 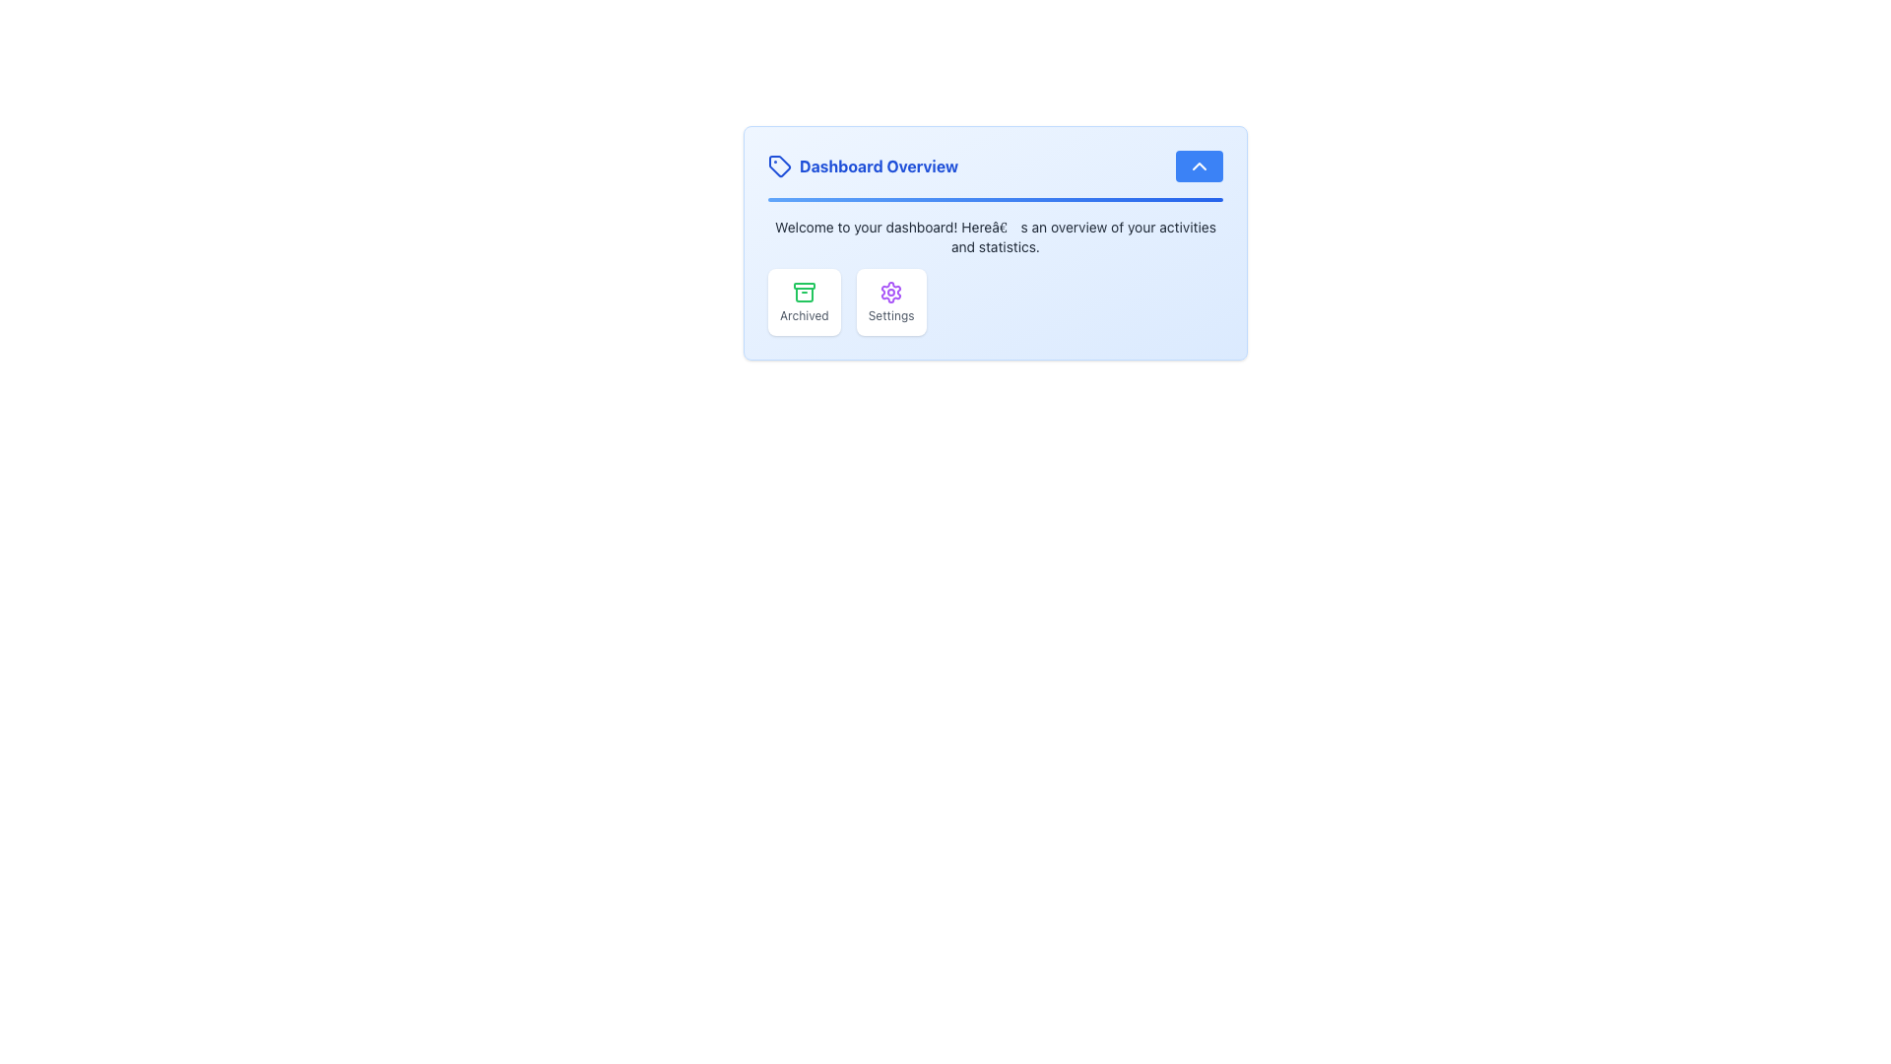 I want to click on the settings button, which is the second item in a horizontal group of options located immediately to the right of the 'Archived' button with a green icon, so click(x=890, y=302).